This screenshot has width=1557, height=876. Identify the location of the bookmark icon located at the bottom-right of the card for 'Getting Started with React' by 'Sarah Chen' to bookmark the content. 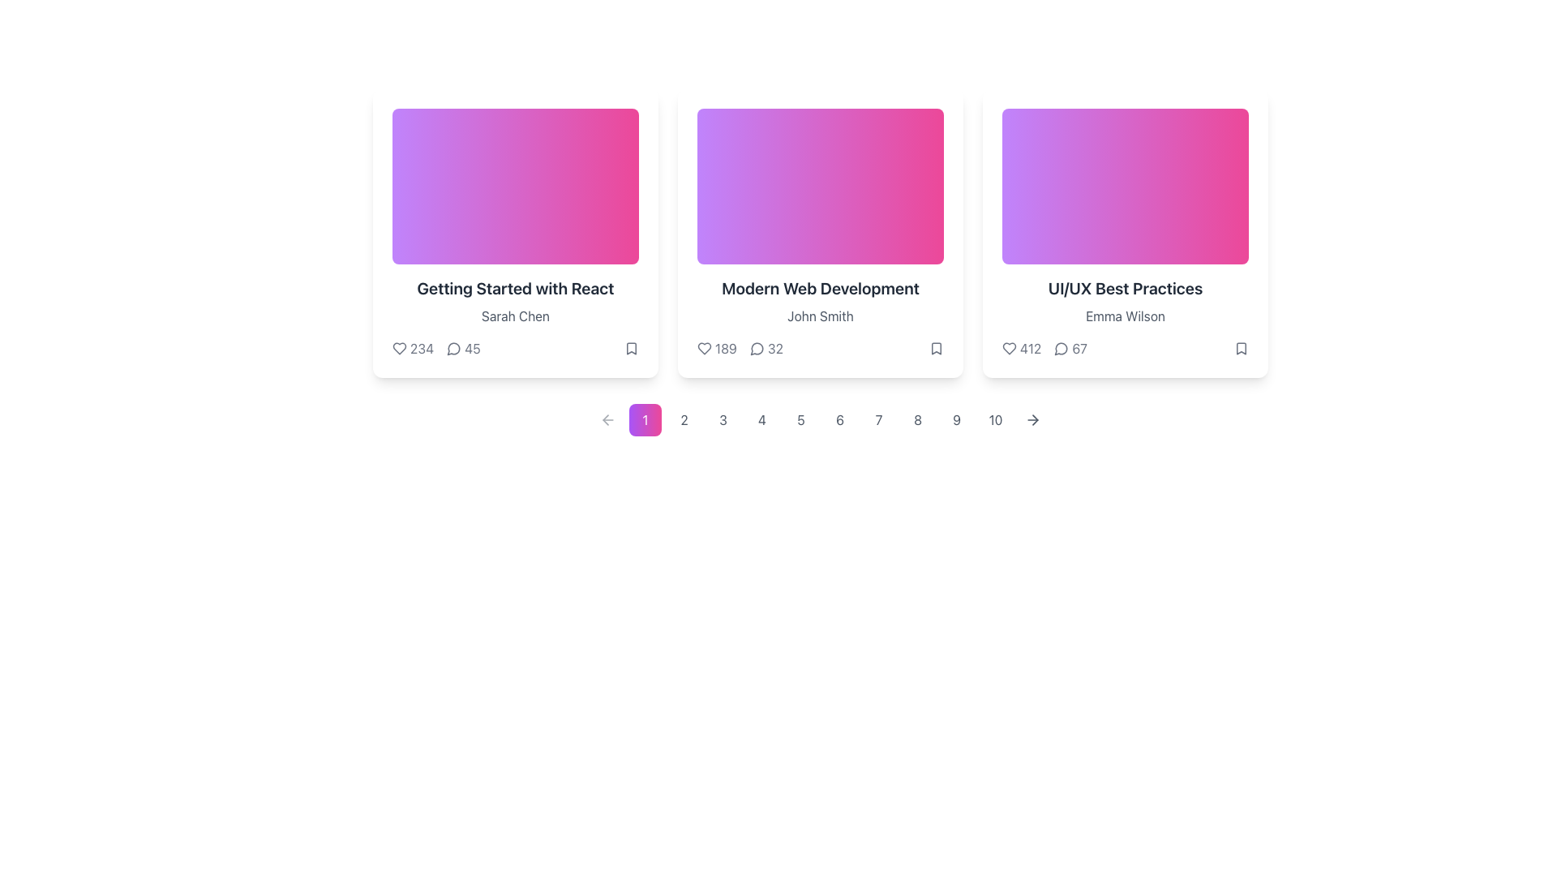
(630, 347).